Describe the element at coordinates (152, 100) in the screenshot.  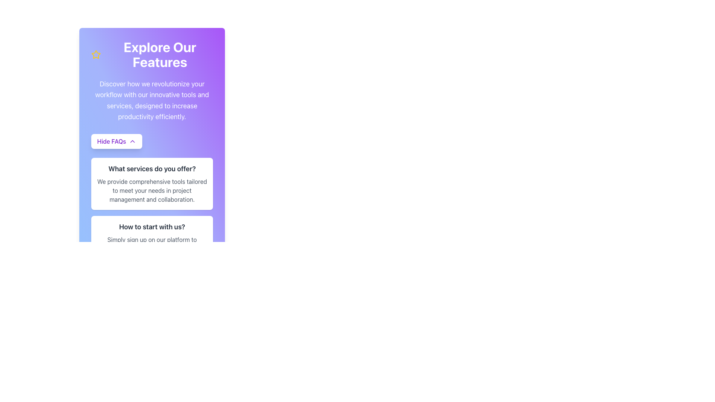
I see `text content of the prominent text block styled with a large size and relaxed line spacing, located beneath the heading 'Explore Our Features' and above the 'Hide FAQs' button` at that location.